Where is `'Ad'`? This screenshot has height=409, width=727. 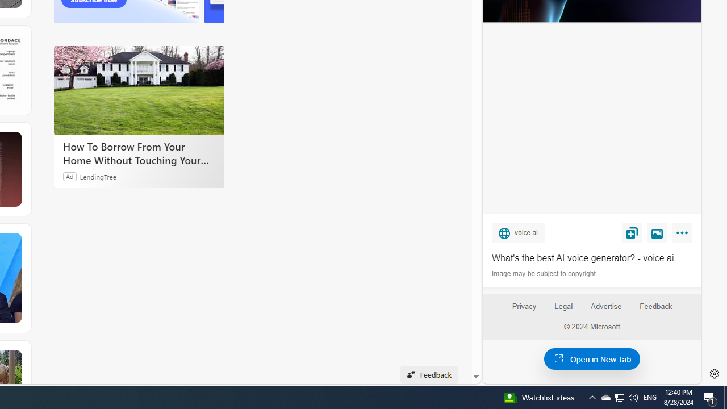
'Ad' is located at coordinates (69, 176).